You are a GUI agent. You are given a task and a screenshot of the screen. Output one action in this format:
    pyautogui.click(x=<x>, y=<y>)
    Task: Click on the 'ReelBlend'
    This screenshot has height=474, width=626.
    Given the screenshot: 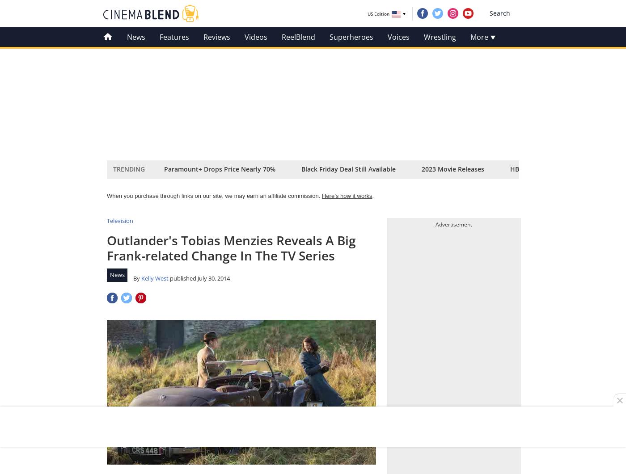 What is the action you would take?
    pyautogui.click(x=298, y=37)
    